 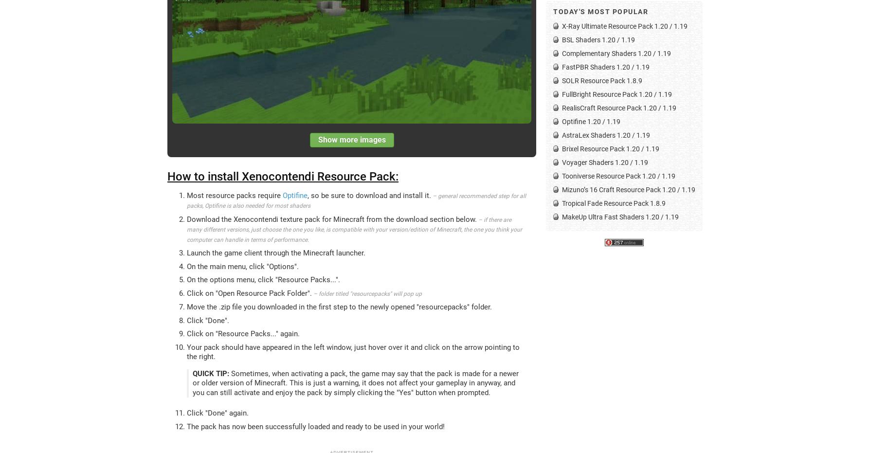 What do you see at coordinates (620, 216) in the screenshot?
I see `'MakeUp Ultra Fast Shaders 1.20 / 1.19'` at bounding box center [620, 216].